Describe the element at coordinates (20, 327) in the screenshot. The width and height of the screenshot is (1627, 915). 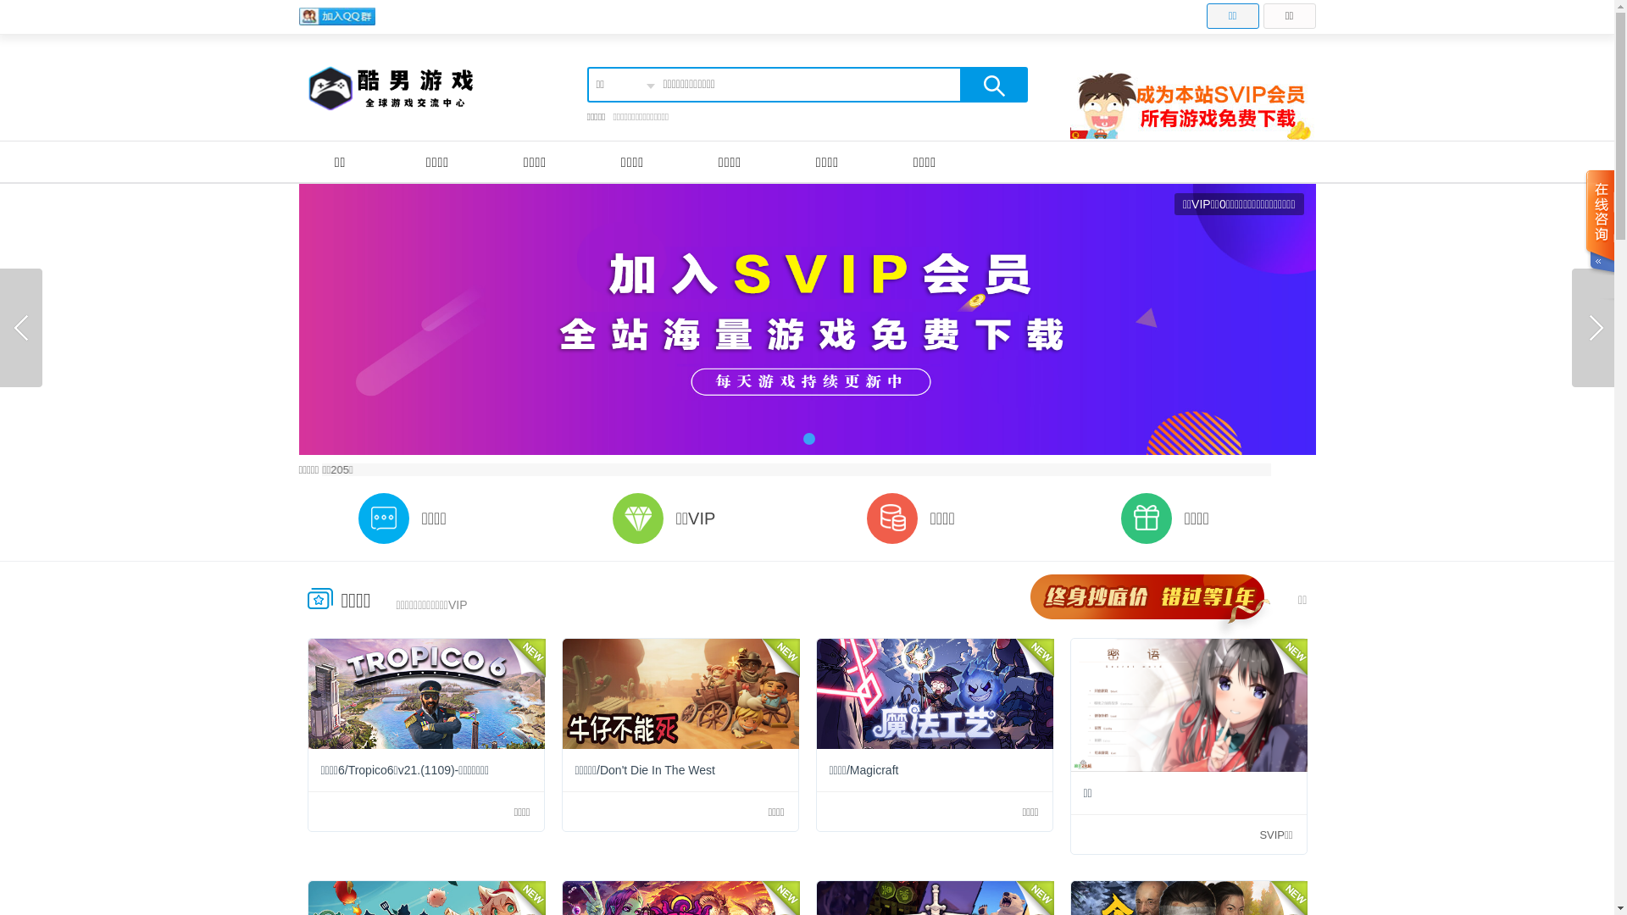
I see `'prev'` at that location.